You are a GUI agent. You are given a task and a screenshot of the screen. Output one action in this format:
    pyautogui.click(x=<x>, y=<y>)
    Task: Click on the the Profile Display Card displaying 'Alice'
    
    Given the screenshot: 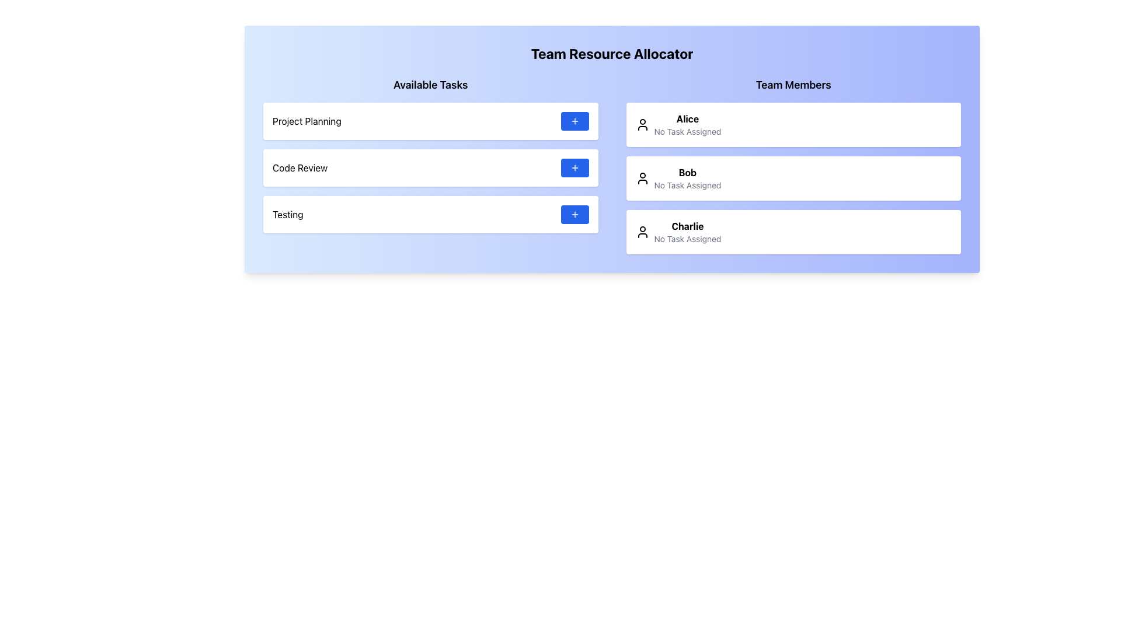 What is the action you would take?
    pyautogui.click(x=793, y=124)
    